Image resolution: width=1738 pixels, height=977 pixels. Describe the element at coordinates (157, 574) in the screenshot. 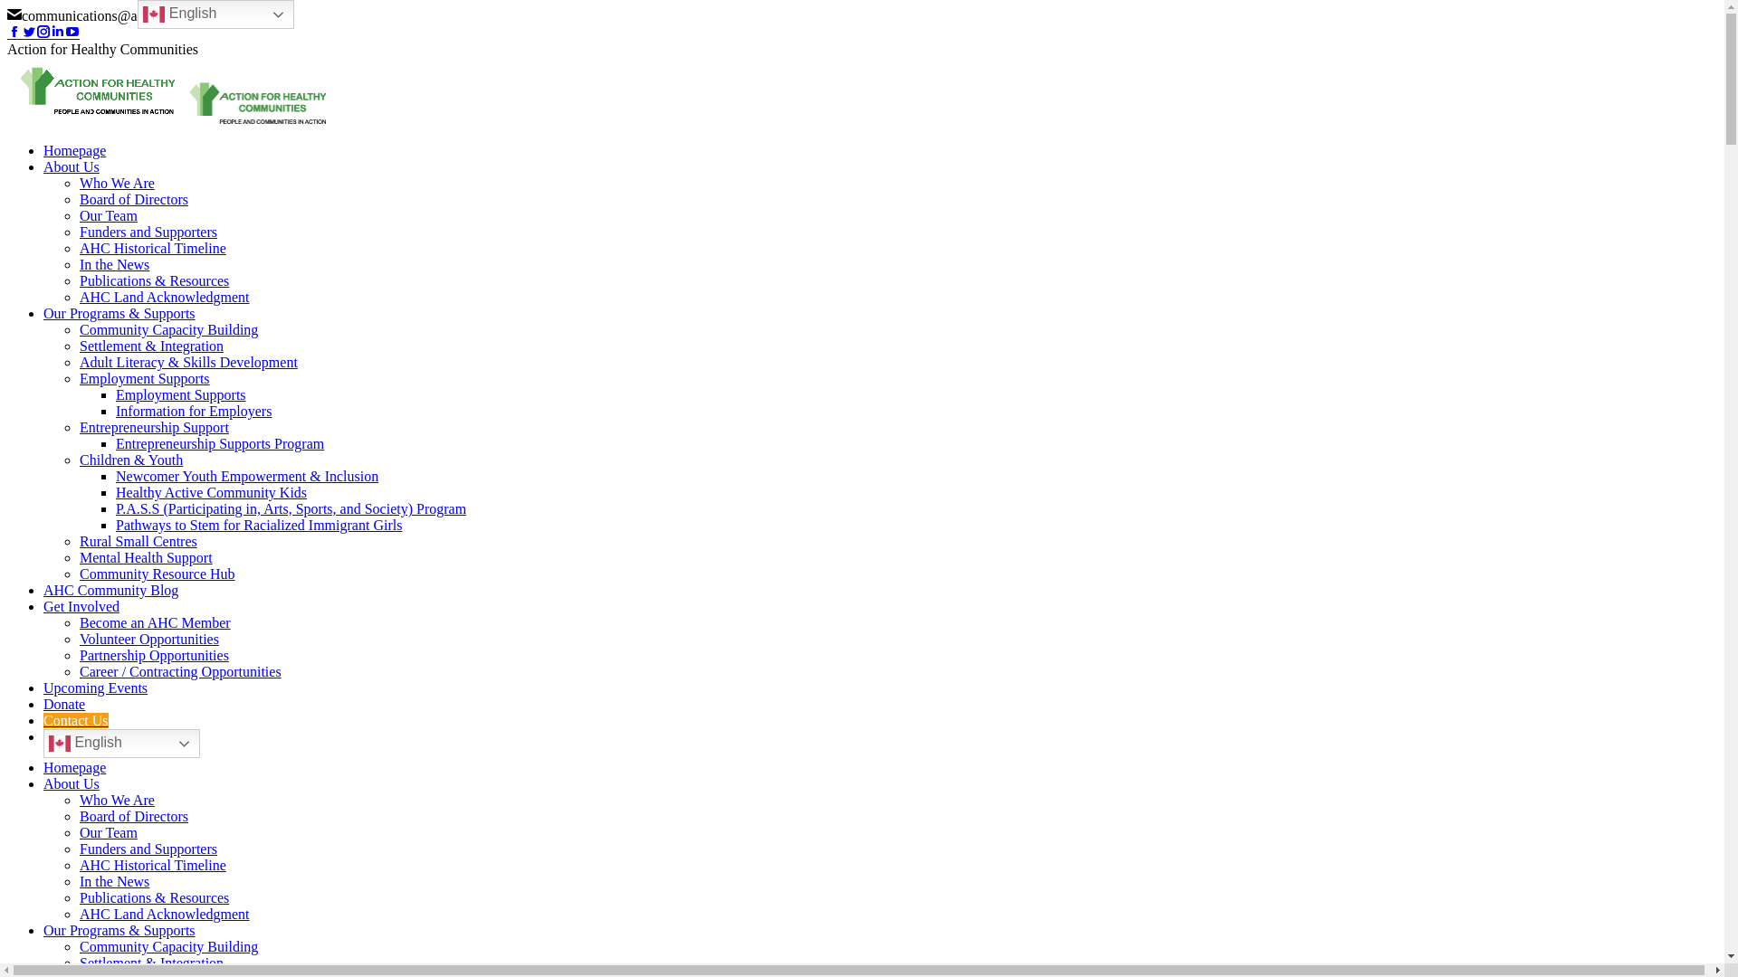

I see `'Community Resource Hub'` at that location.